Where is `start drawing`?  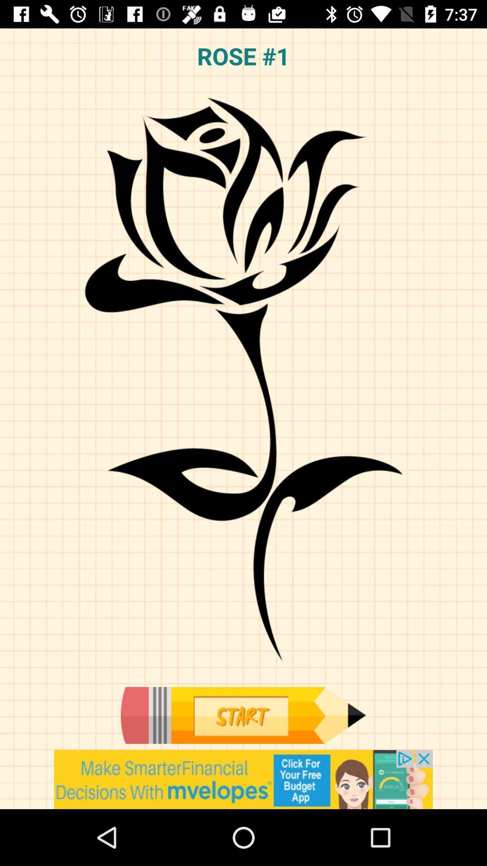
start drawing is located at coordinates (243, 715).